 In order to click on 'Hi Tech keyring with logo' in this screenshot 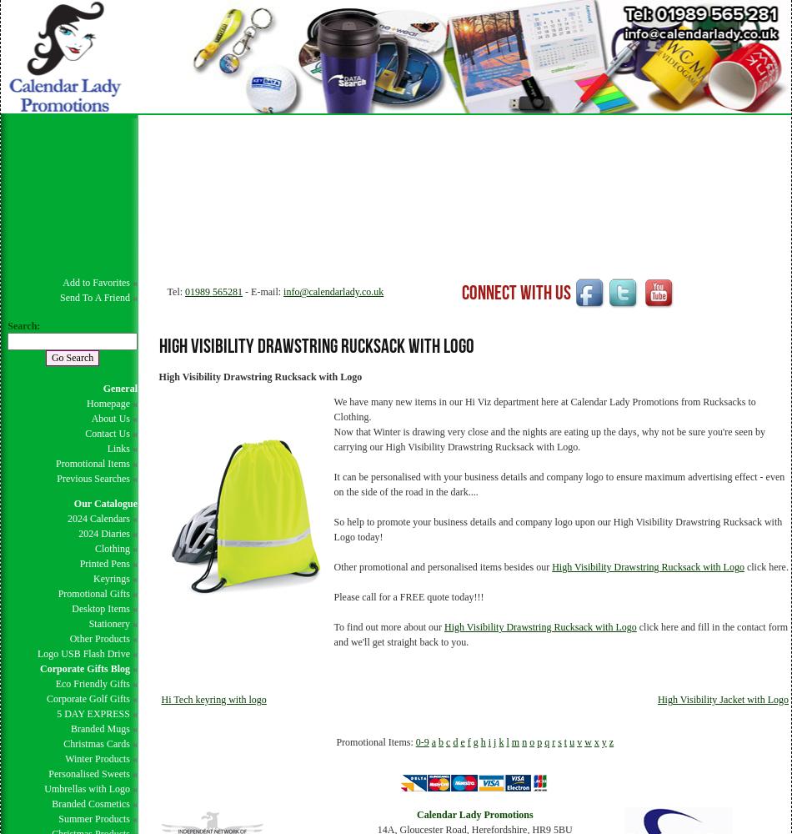, I will do `click(213, 699)`.